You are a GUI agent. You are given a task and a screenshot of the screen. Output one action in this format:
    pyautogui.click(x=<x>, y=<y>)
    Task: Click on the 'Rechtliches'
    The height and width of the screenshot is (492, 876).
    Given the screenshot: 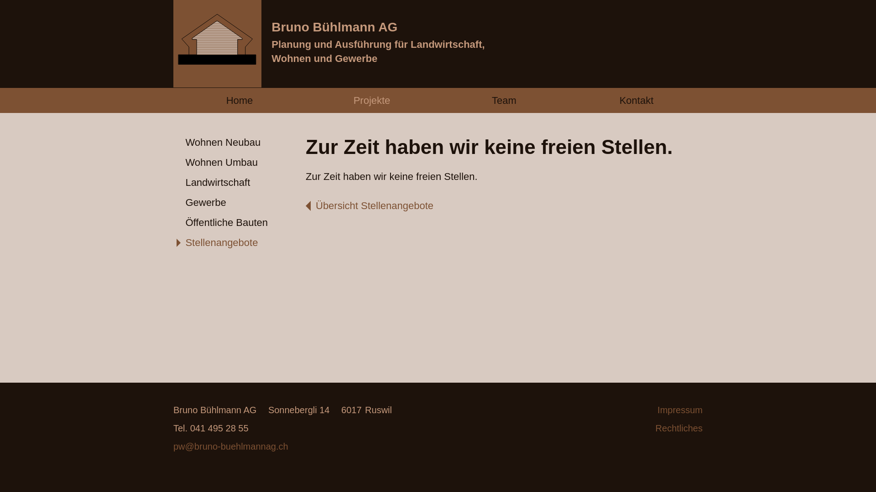 What is the action you would take?
    pyautogui.click(x=636, y=428)
    